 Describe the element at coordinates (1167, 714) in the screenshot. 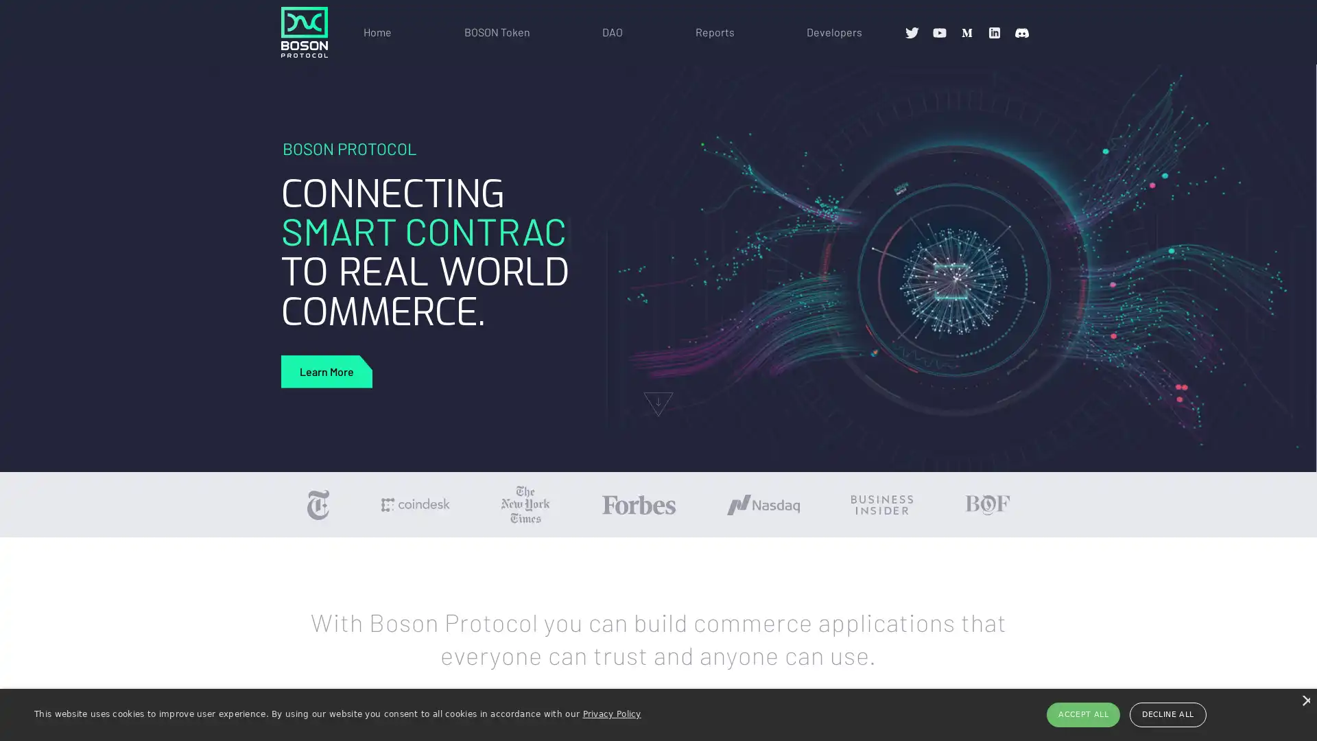

I see `DECLINE ALL` at that location.